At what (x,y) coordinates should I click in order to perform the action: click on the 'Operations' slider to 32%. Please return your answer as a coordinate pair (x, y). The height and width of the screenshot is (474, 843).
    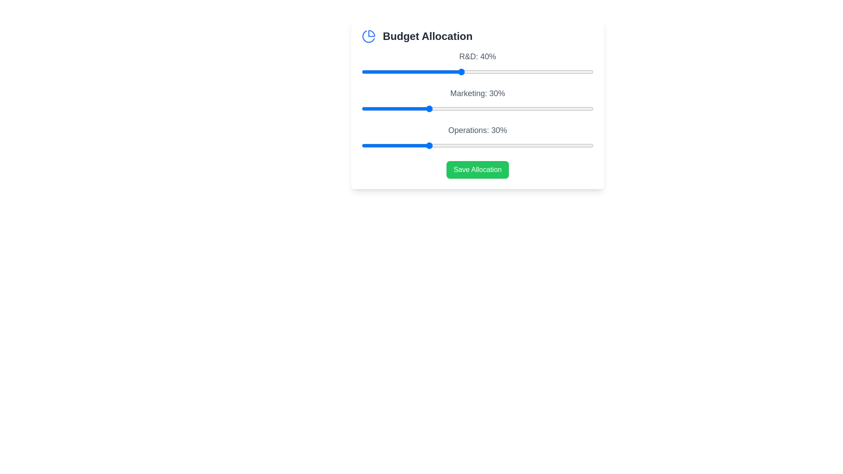
    Looking at the image, I should click on (434, 145).